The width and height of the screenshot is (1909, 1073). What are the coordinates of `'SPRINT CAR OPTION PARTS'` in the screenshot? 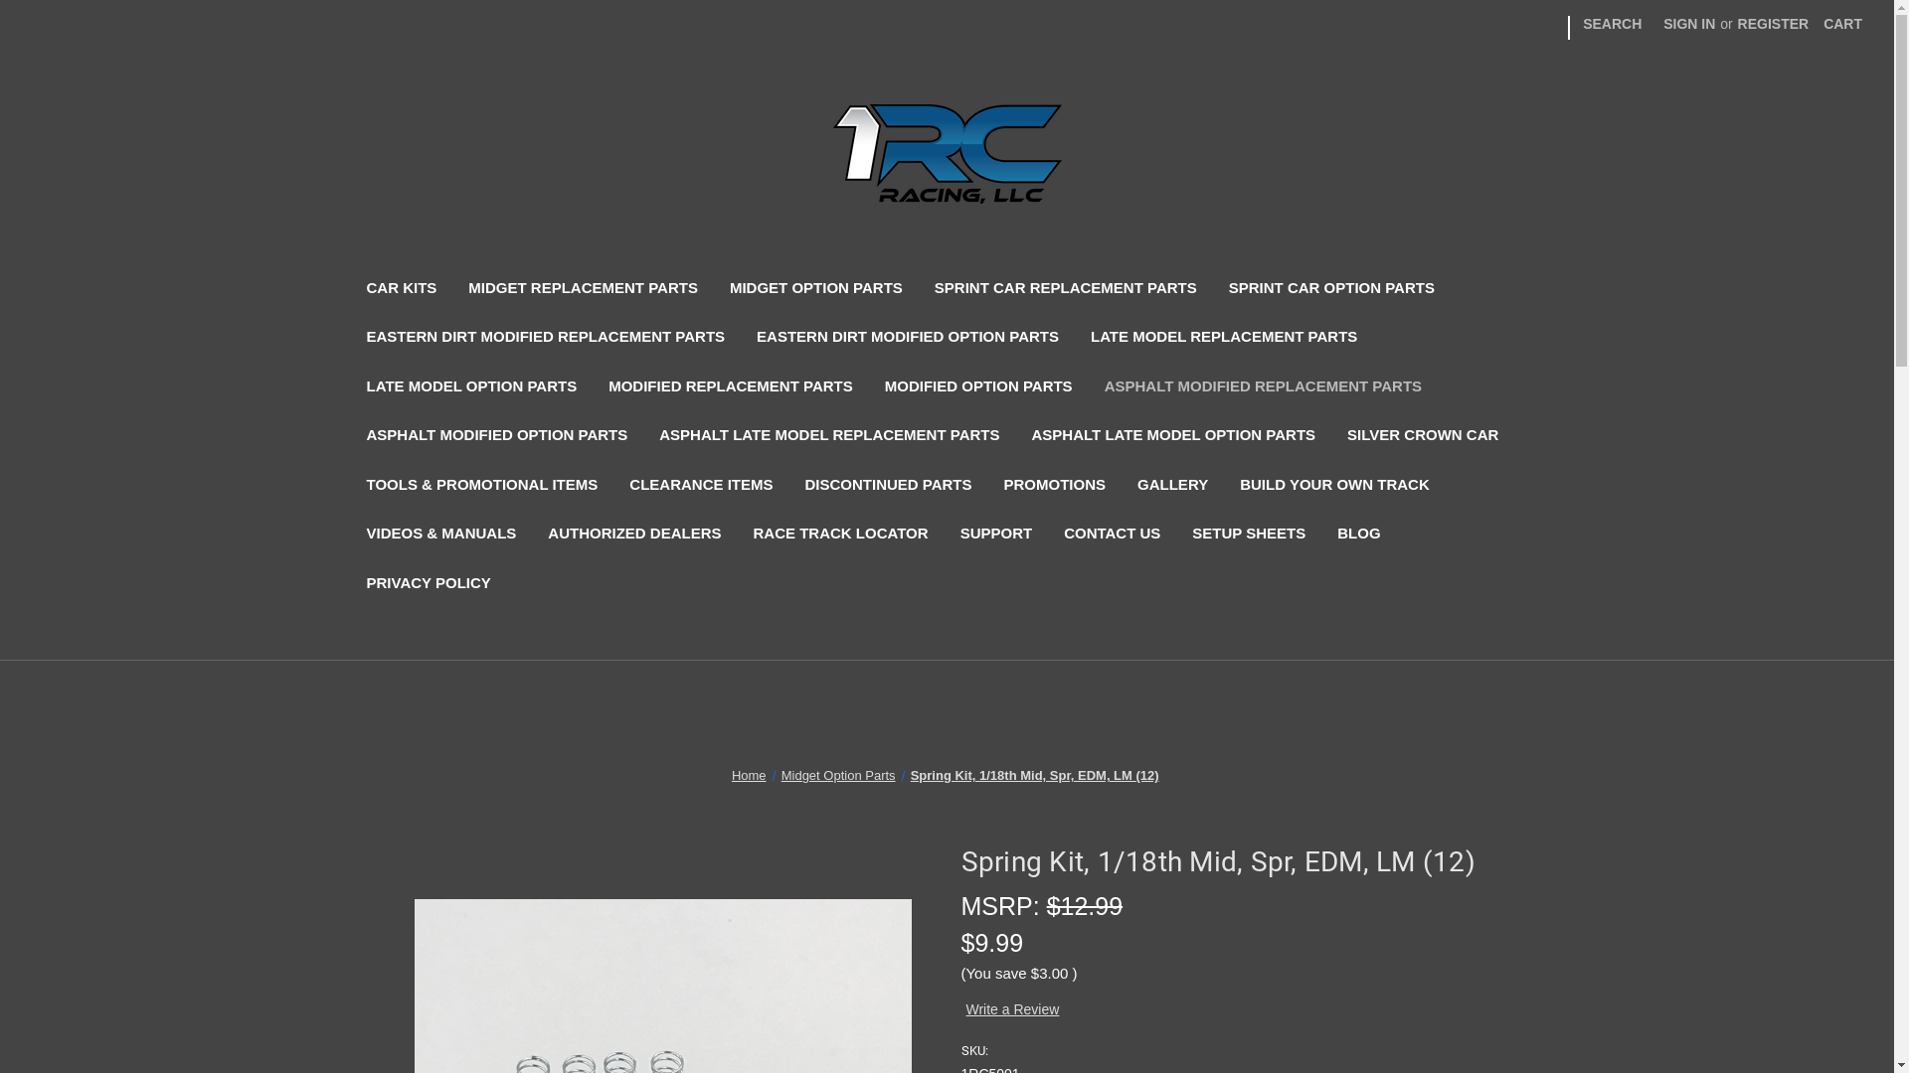 It's located at (1331, 290).